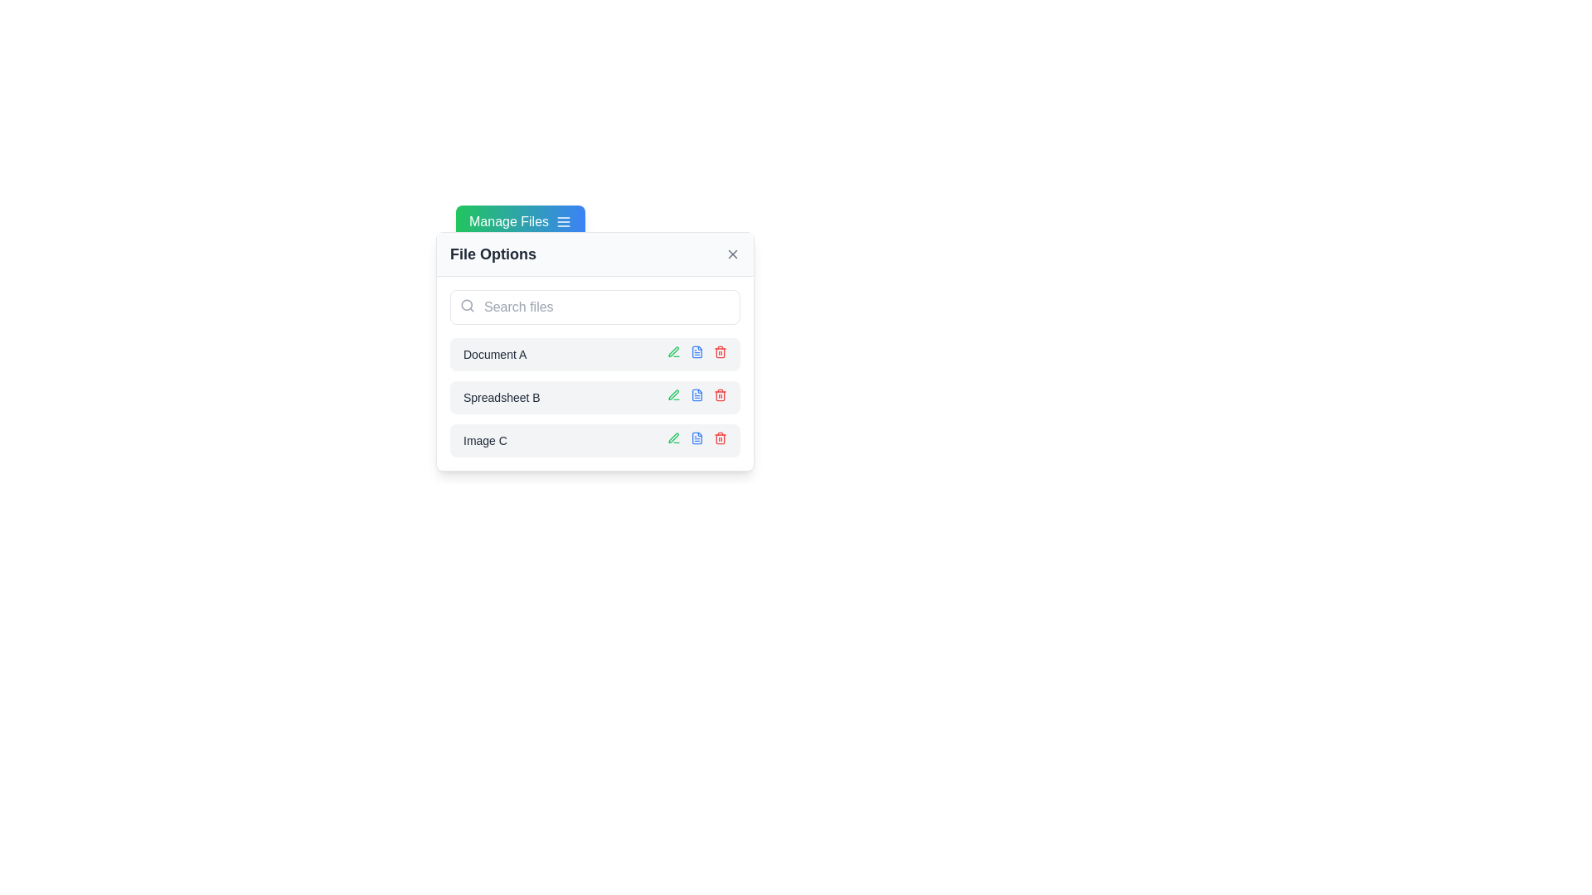  Describe the element at coordinates (720, 437) in the screenshot. I see `the red trash bin icon button, which is the third icon in the row of file action controls, to receive additional visual feedback` at that location.